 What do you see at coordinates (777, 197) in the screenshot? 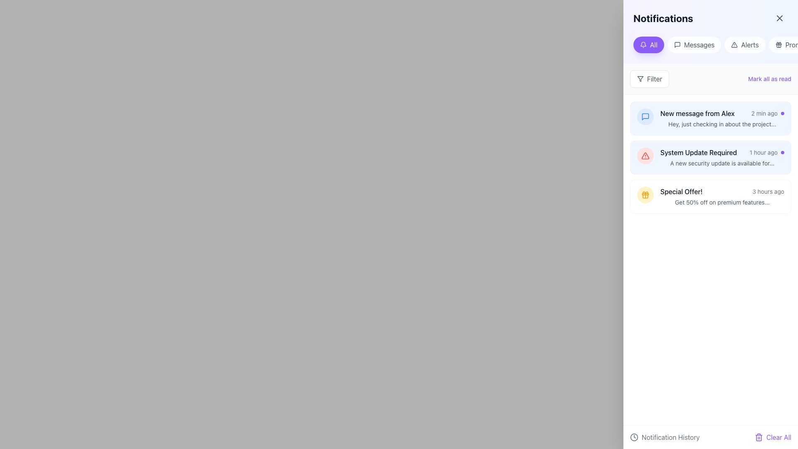
I see `the vertical ellipsis icon, which consists of three gray dots arranged vertically, located at the top-right corner of the notification card for the 'Special Offer'` at bounding box center [777, 197].